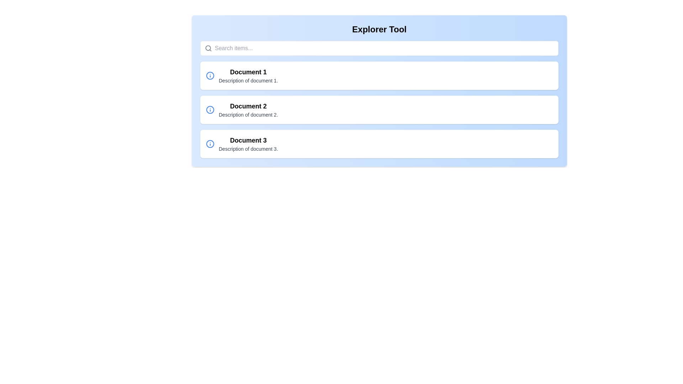 Image resolution: width=683 pixels, height=384 pixels. Describe the element at coordinates (379, 29) in the screenshot. I see `the title header Text Label located at the top of the box containing a search field and a list of documents` at that location.